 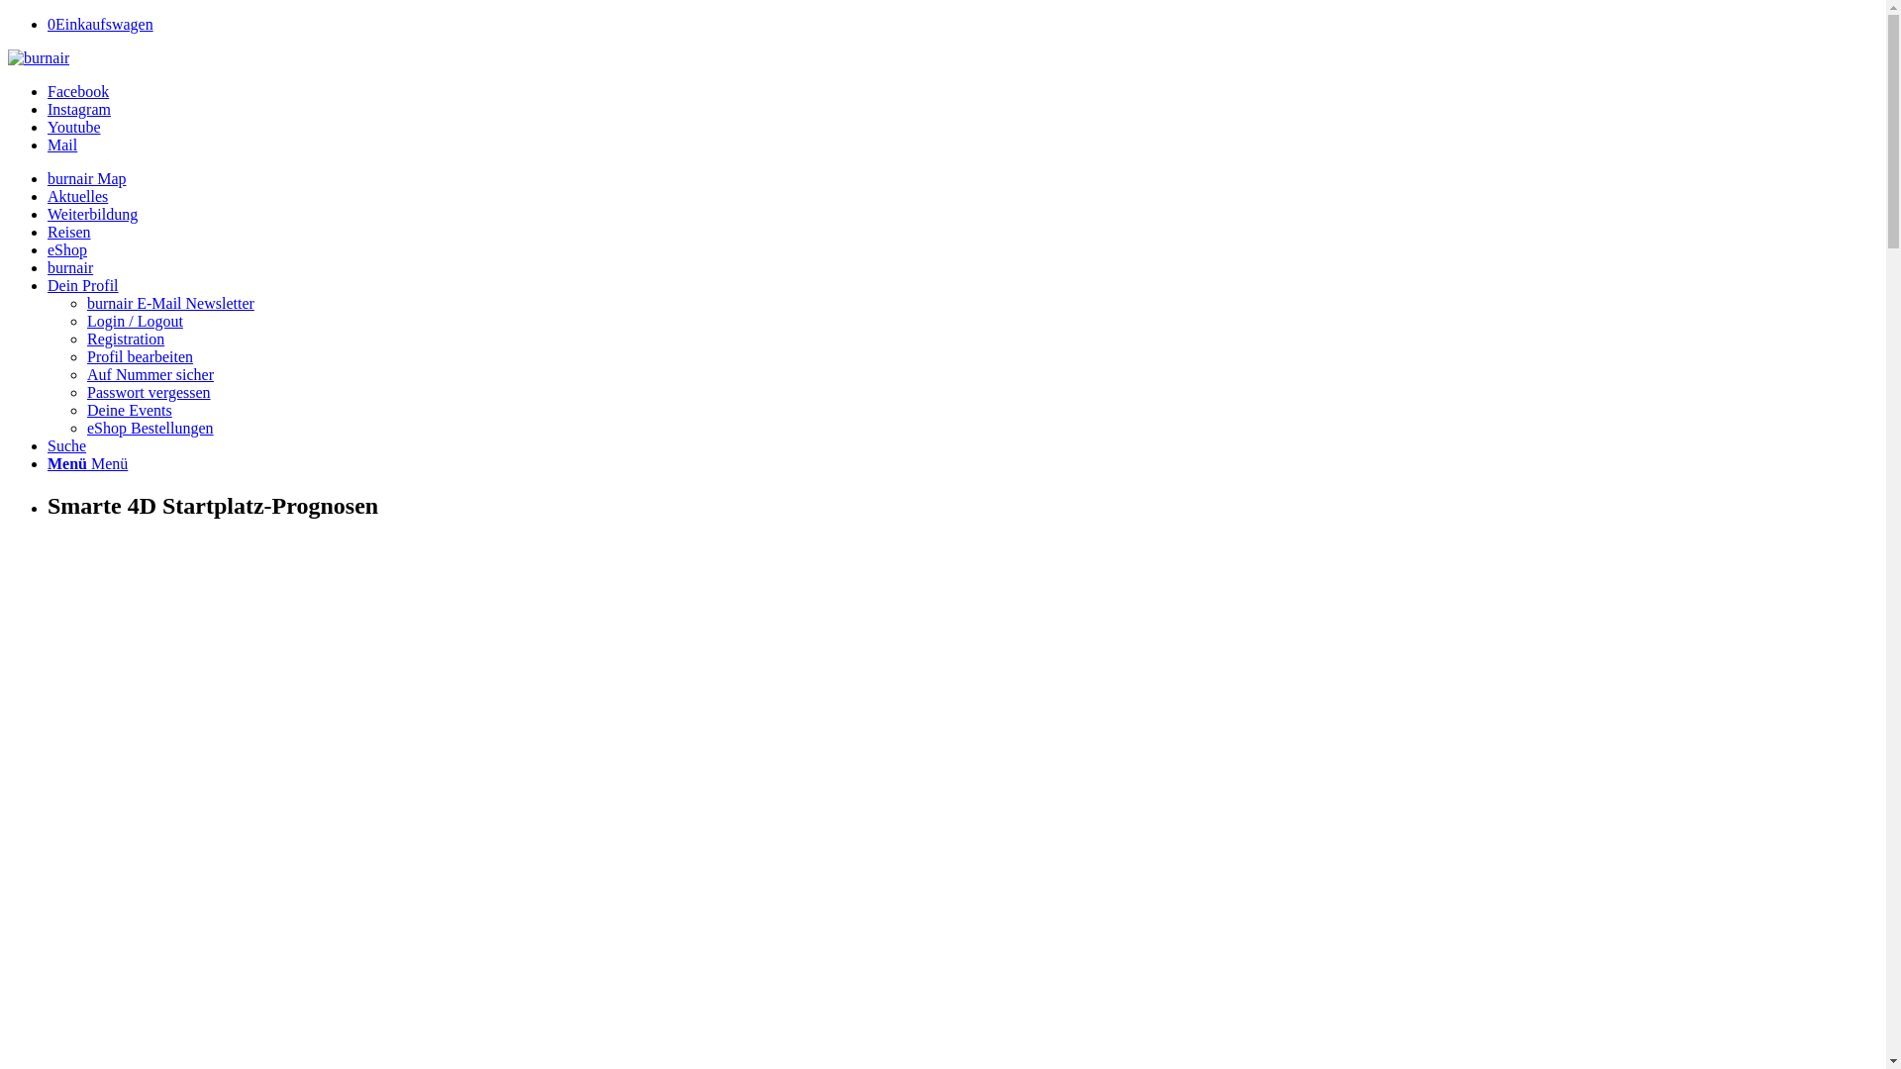 I want to click on 'Mail', so click(x=48, y=144).